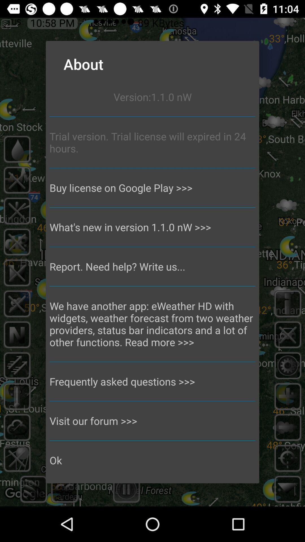 Image resolution: width=305 pixels, height=542 pixels. Describe the element at coordinates (152, 188) in the screenshot. I see `buy license on icon` at that location.